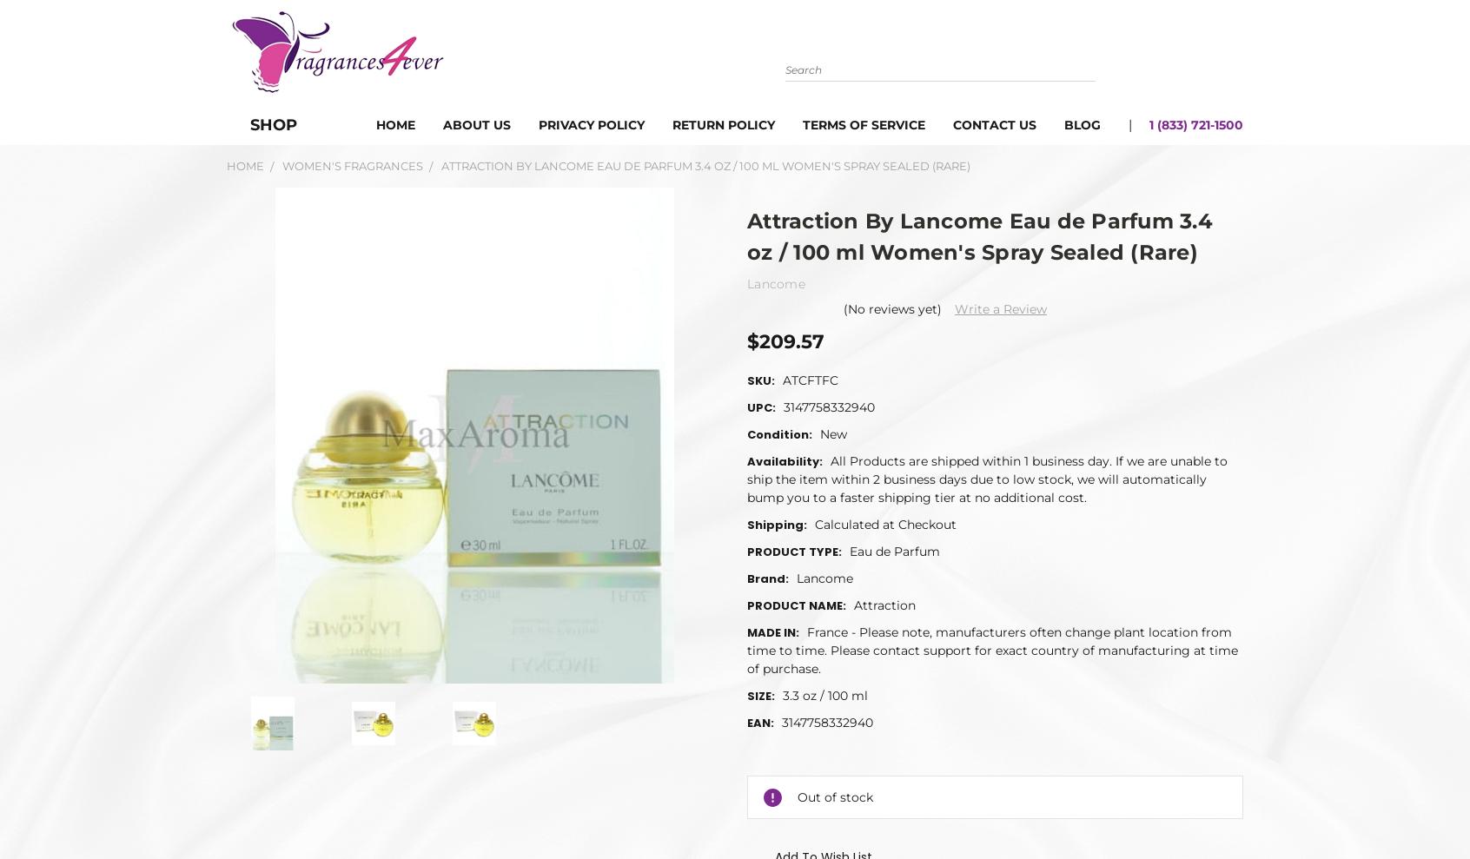  What do you see at coordinates (820, 785) in the screenshot?
I see `'USHER Eau De Parfum 3.4 oz / 100 ml Spray For Women'` at bounding box center [820, 785].